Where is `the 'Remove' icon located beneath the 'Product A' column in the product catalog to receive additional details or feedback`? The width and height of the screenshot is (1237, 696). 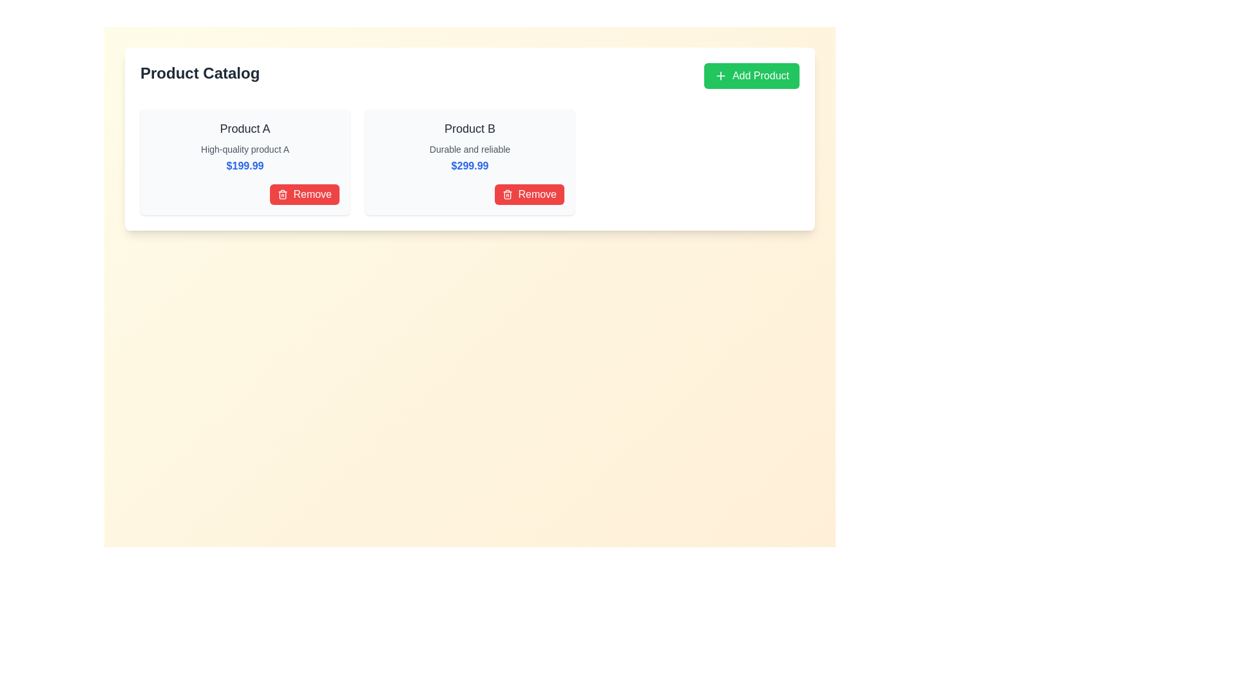
the 'Remove' icon located beneath the 'Product A' column in the product catalog to receive additional details or feedback is located at coordinates (282, 194).